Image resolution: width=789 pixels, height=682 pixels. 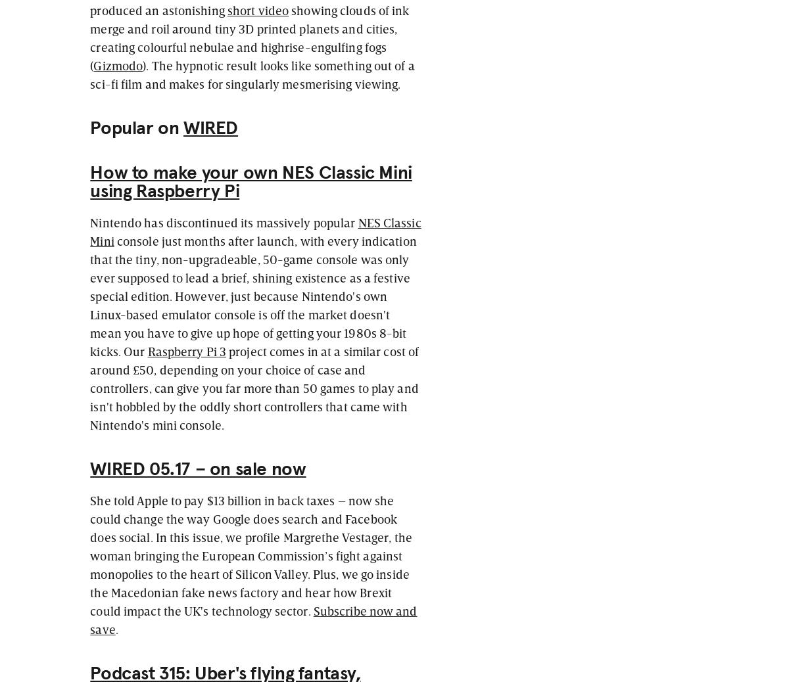 I want to click on 'She told Apple to pay $13 billion in back taxes – now she could change the way Google does search and Facebook does social. In this issue, we profile Margrethe Vestager, the woman bringing the European Commission’s fight against monopolies to the heart of Silicon Valley. Plus, we go inside the Macedonian fake news factory and hear how Brexit could impact the UK's technology sector.', so click(x=251, y=555).